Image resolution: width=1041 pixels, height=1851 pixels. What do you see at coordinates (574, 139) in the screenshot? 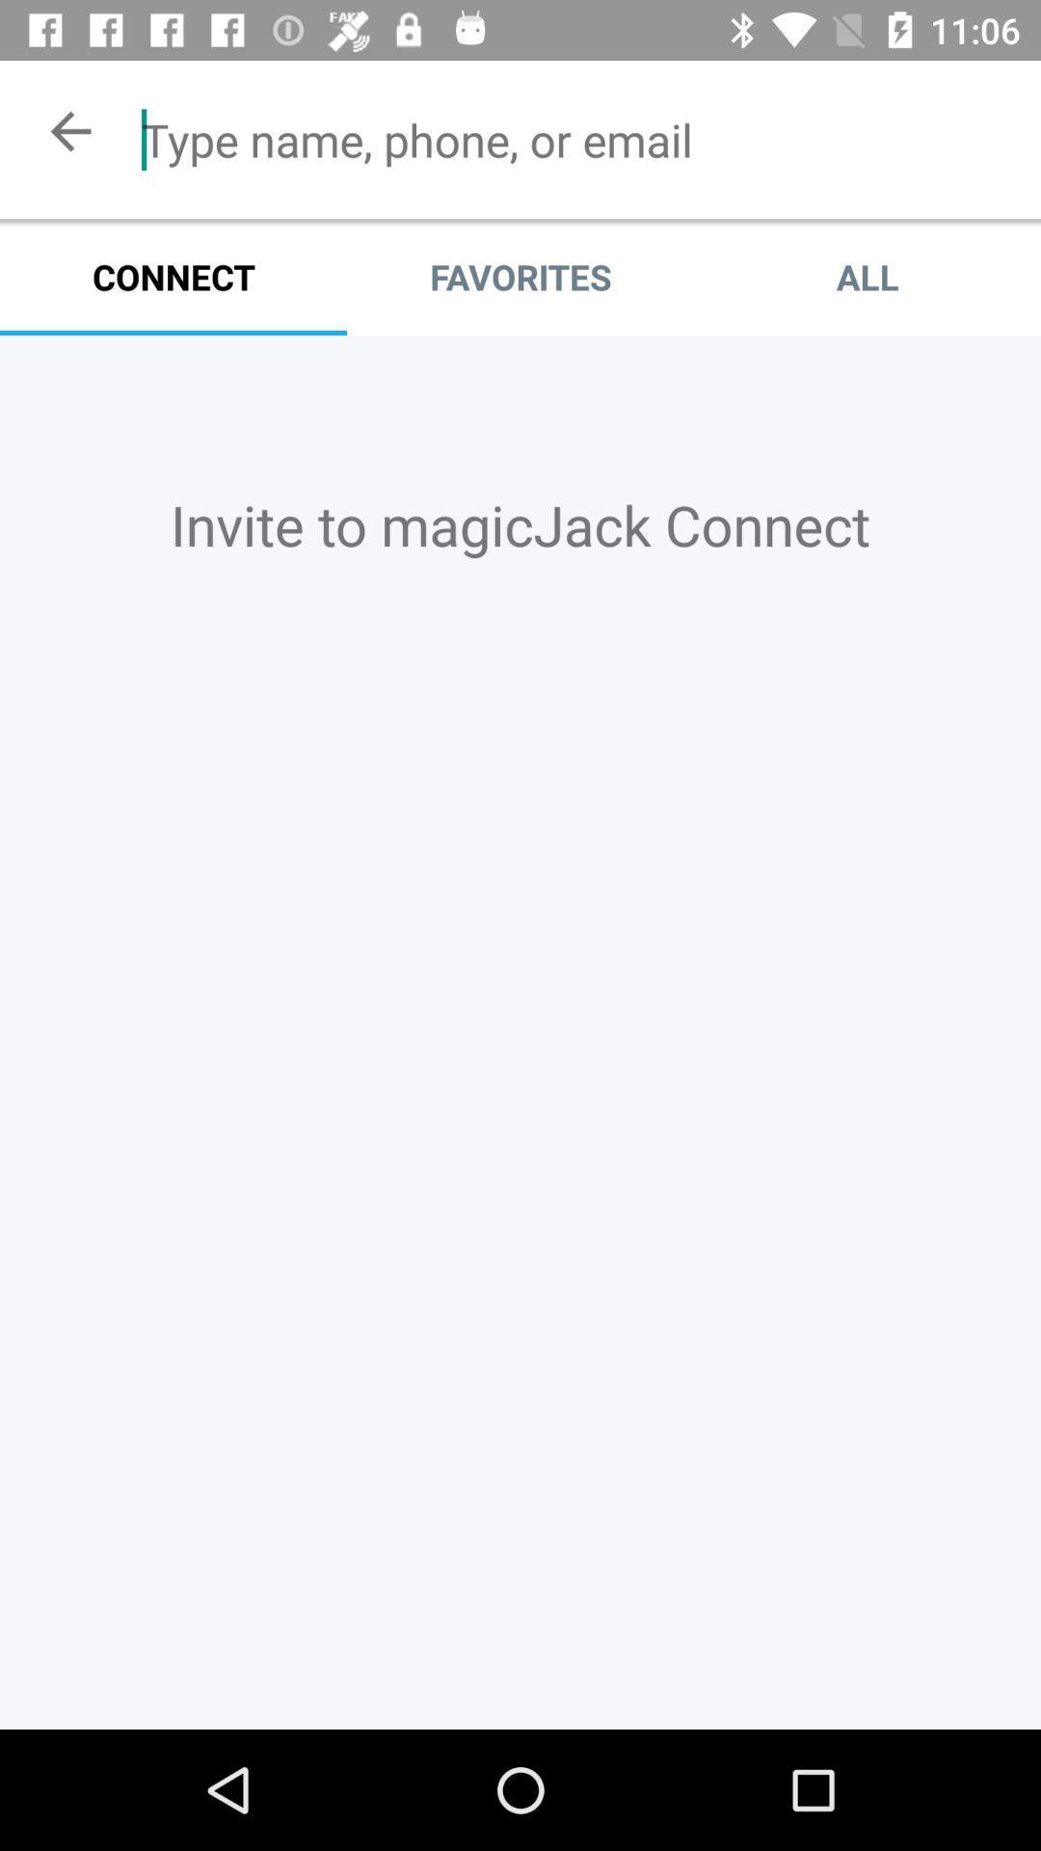
I see `the icon above connect item` at bounding box center [574, 139].